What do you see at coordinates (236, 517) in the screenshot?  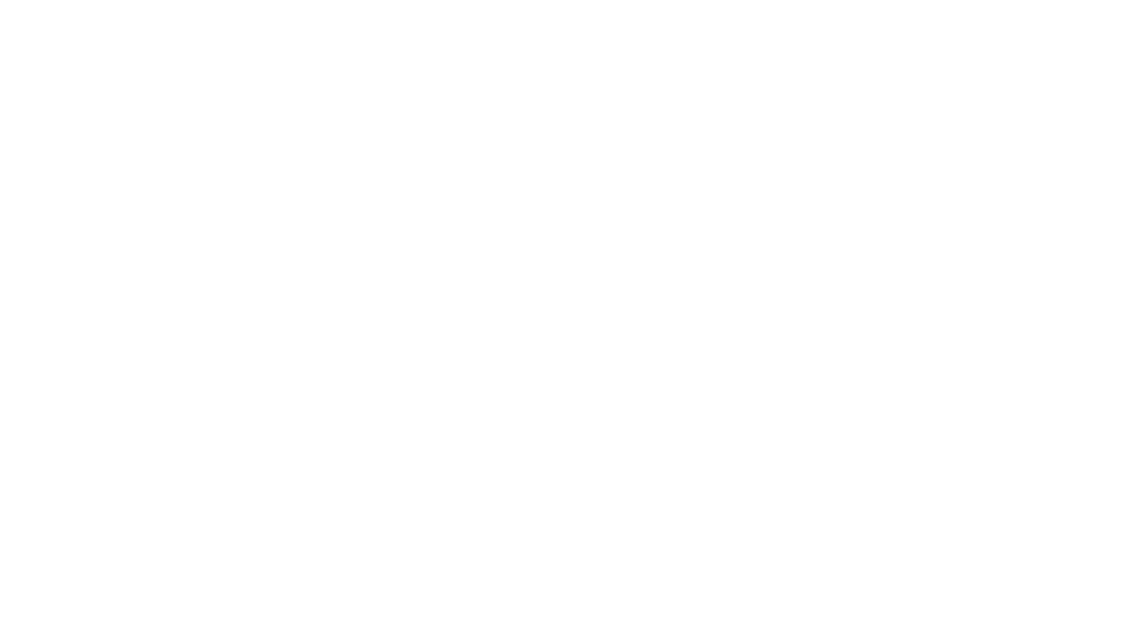 I see `'About'` at bounding box center [236, 517].